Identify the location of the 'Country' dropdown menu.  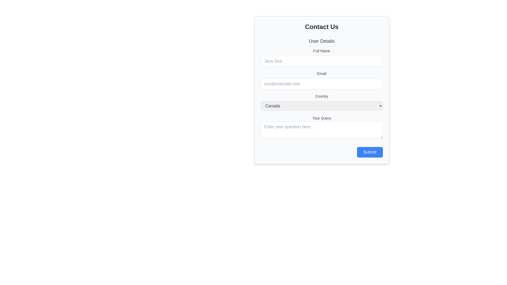
(321, 102).